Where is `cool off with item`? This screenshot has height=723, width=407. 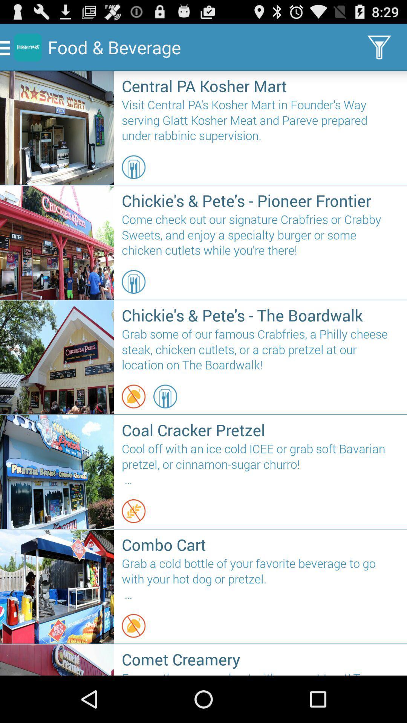
cool off with item is located at coordinates (260, 464).